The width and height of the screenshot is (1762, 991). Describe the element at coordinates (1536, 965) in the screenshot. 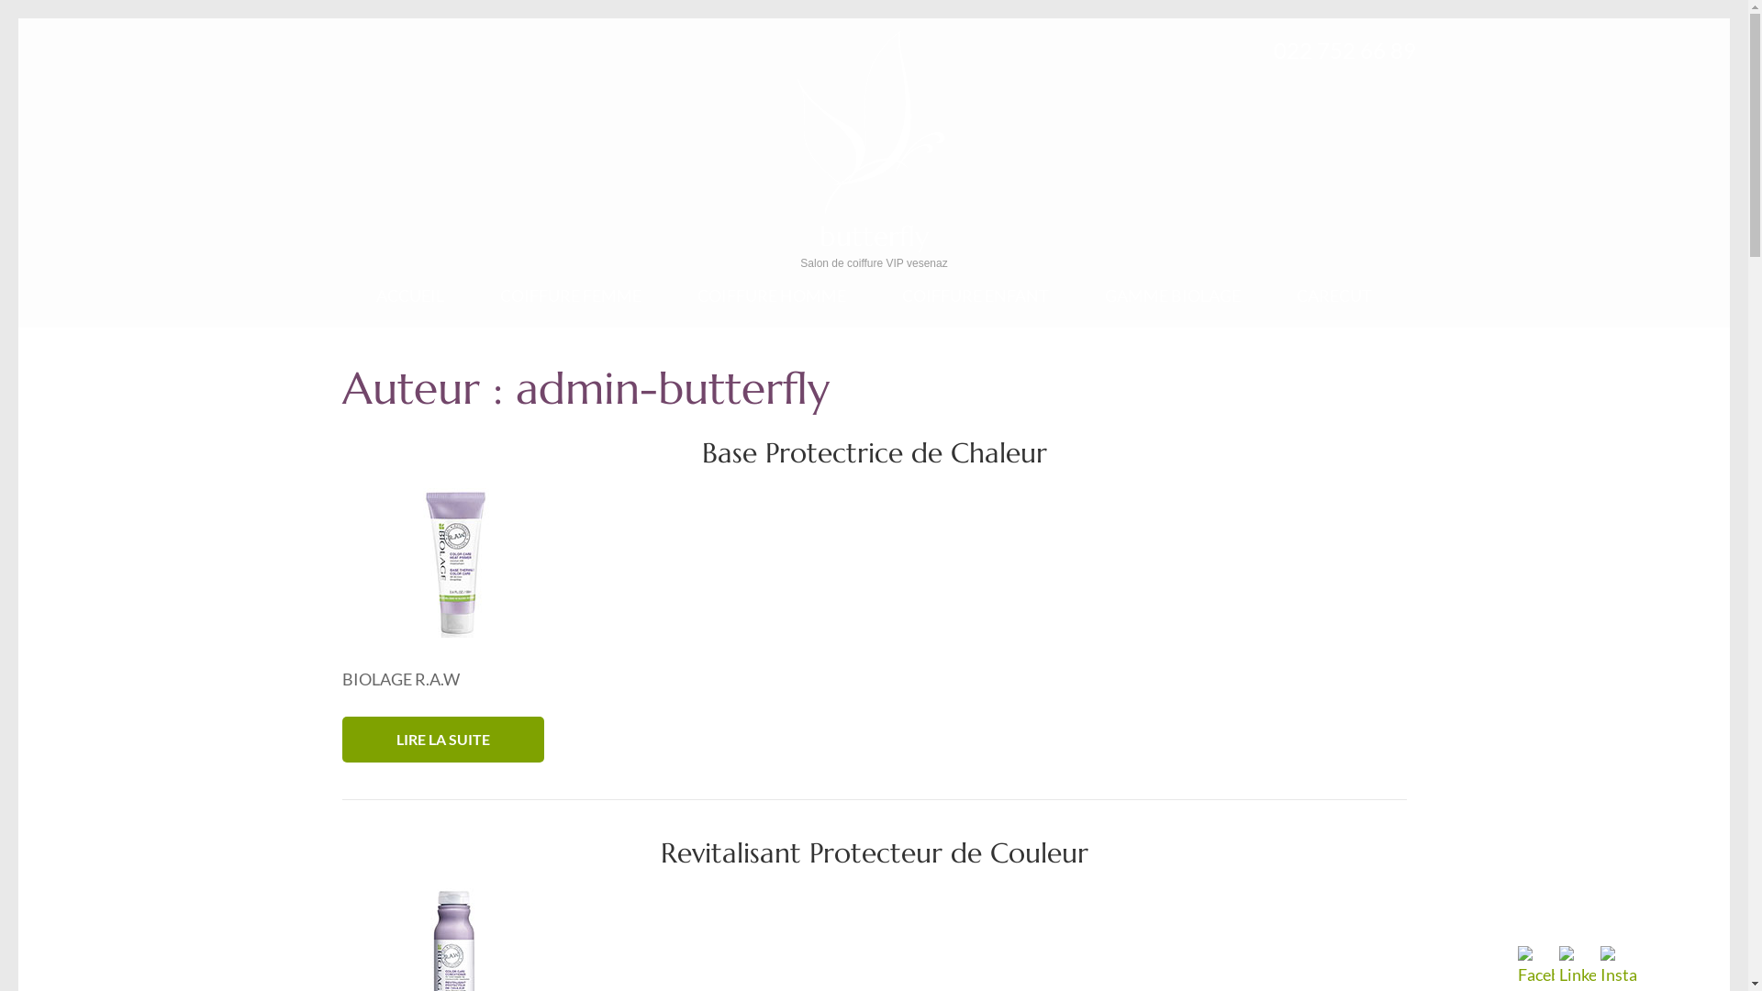

I see `'Facebook'` at that location.